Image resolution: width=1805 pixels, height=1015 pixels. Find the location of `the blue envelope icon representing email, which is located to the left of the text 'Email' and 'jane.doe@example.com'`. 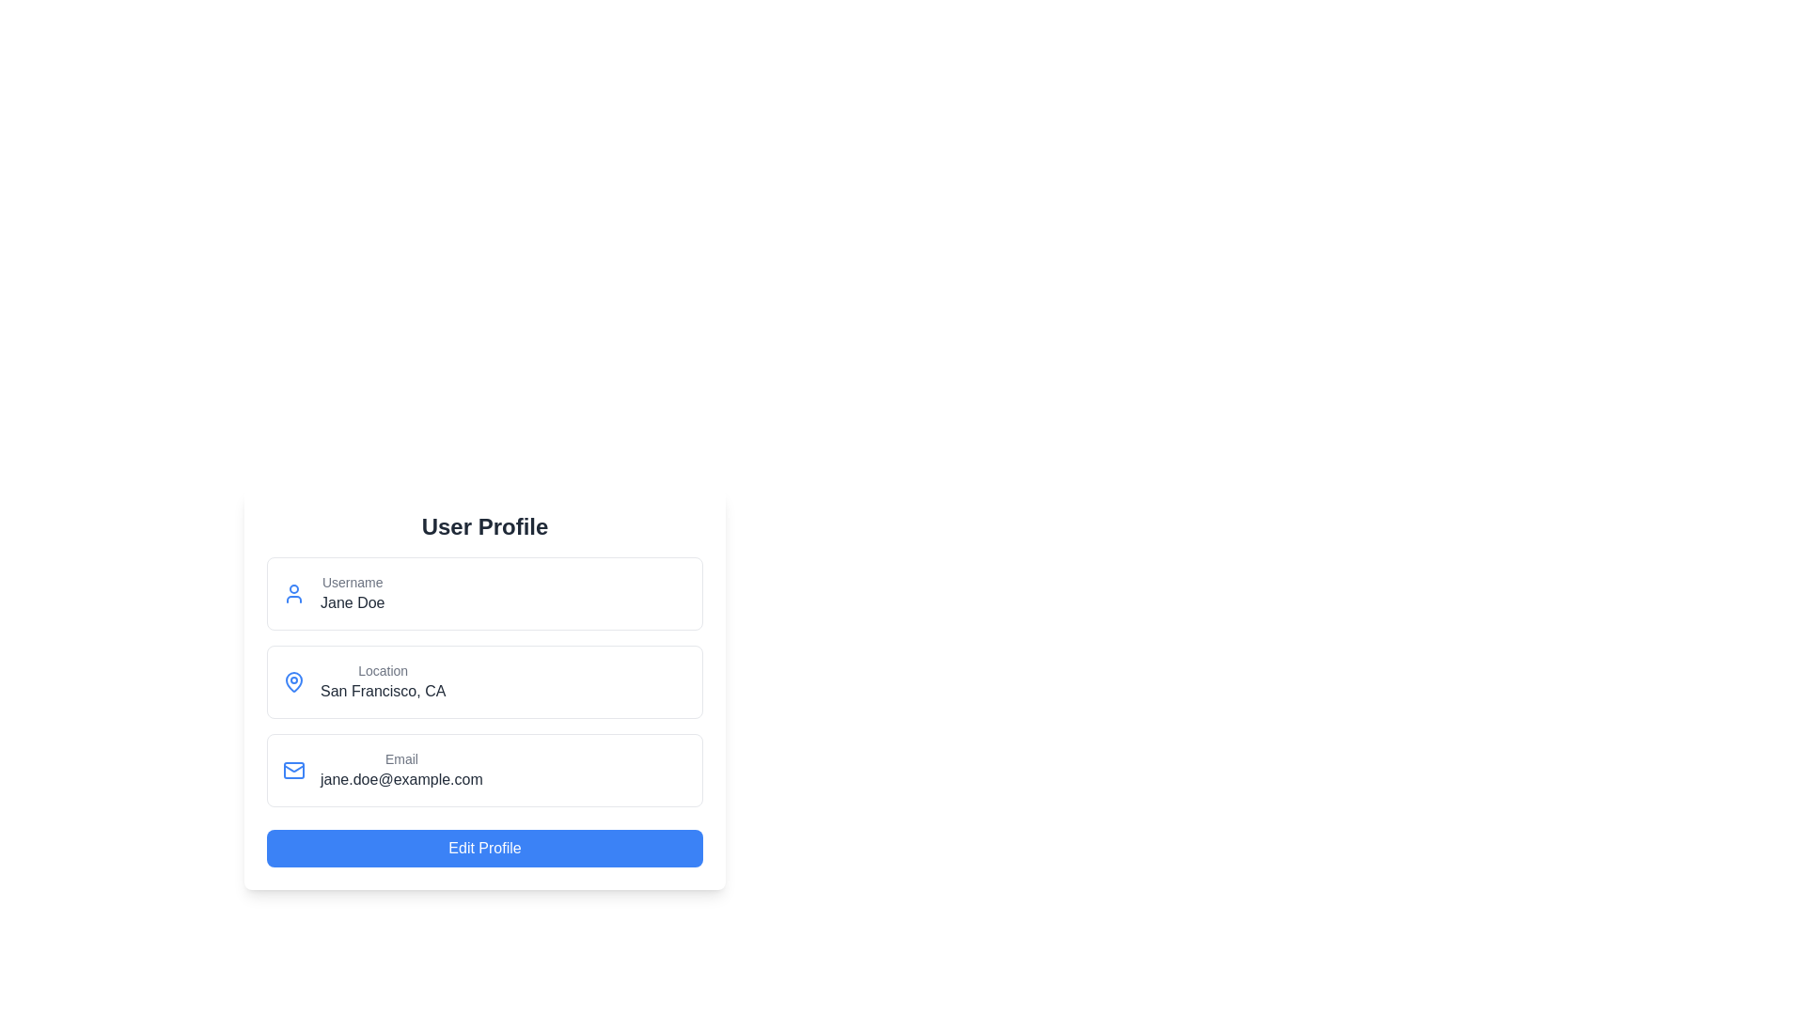

the blue envelope icon representing email, which is located to the left of the text 'Email' and 'jane.doe@example.com' is located at coordinates (292, 771).